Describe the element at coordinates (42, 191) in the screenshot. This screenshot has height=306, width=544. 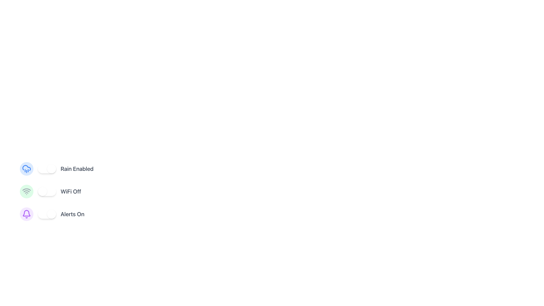
I see `the small circular toggle handle inside the 'WiFi Off' toggle switch` at that location.